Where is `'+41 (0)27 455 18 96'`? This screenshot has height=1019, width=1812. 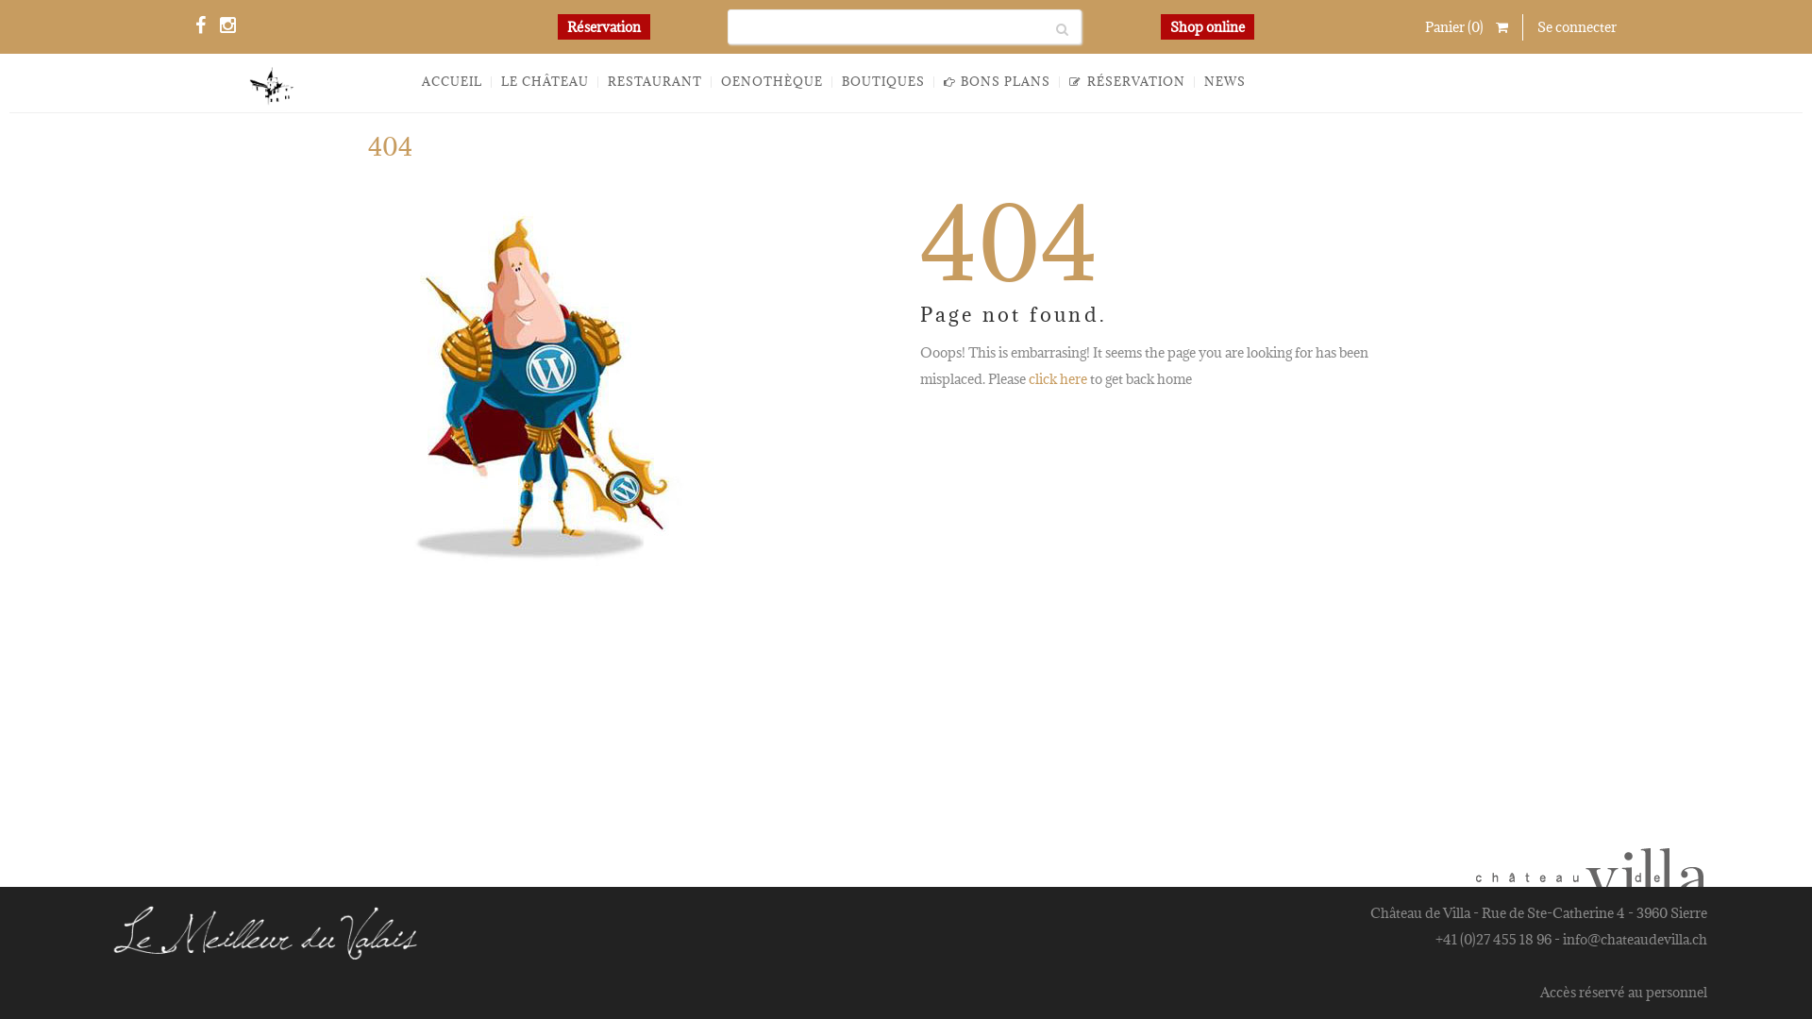
'+41 (0)27 455 18 96' is located at coordinates (1492, 939).